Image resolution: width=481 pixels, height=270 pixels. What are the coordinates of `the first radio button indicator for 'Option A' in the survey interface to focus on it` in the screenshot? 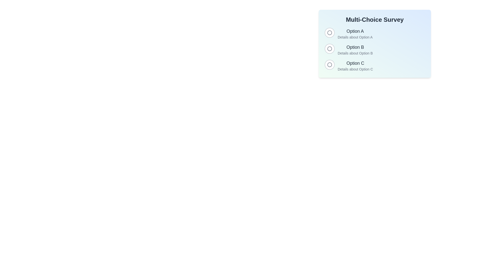 It's located at (329, 33).